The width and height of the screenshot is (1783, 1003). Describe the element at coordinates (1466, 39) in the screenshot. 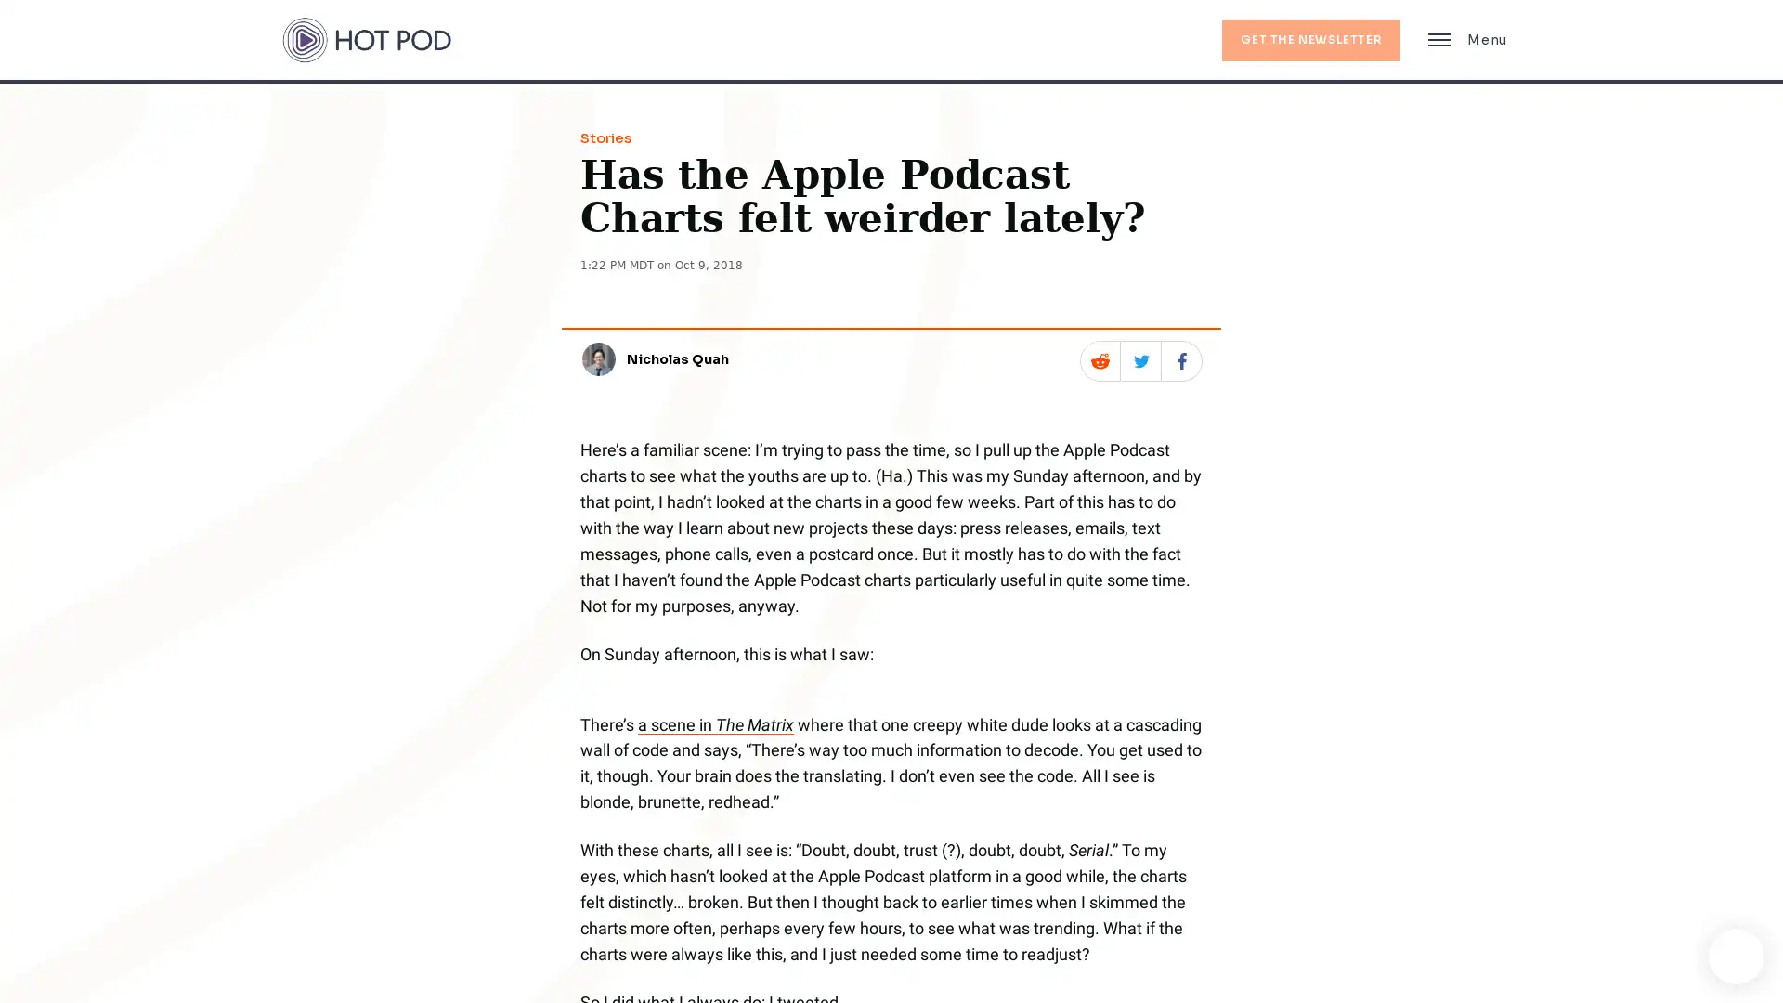

I see `Main Menu` at that location.